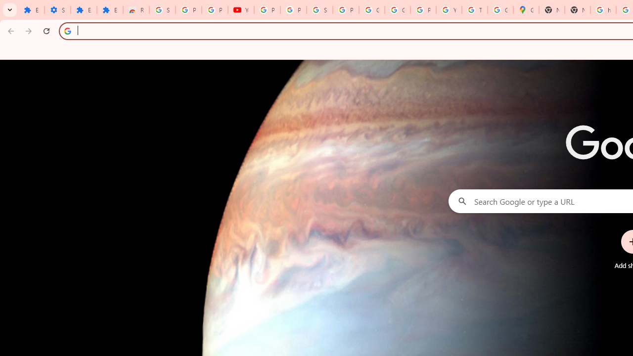 Image resolution: width=633 pixels, height=356 pixels. I want to click on 'Extensions', so click(84, 10).